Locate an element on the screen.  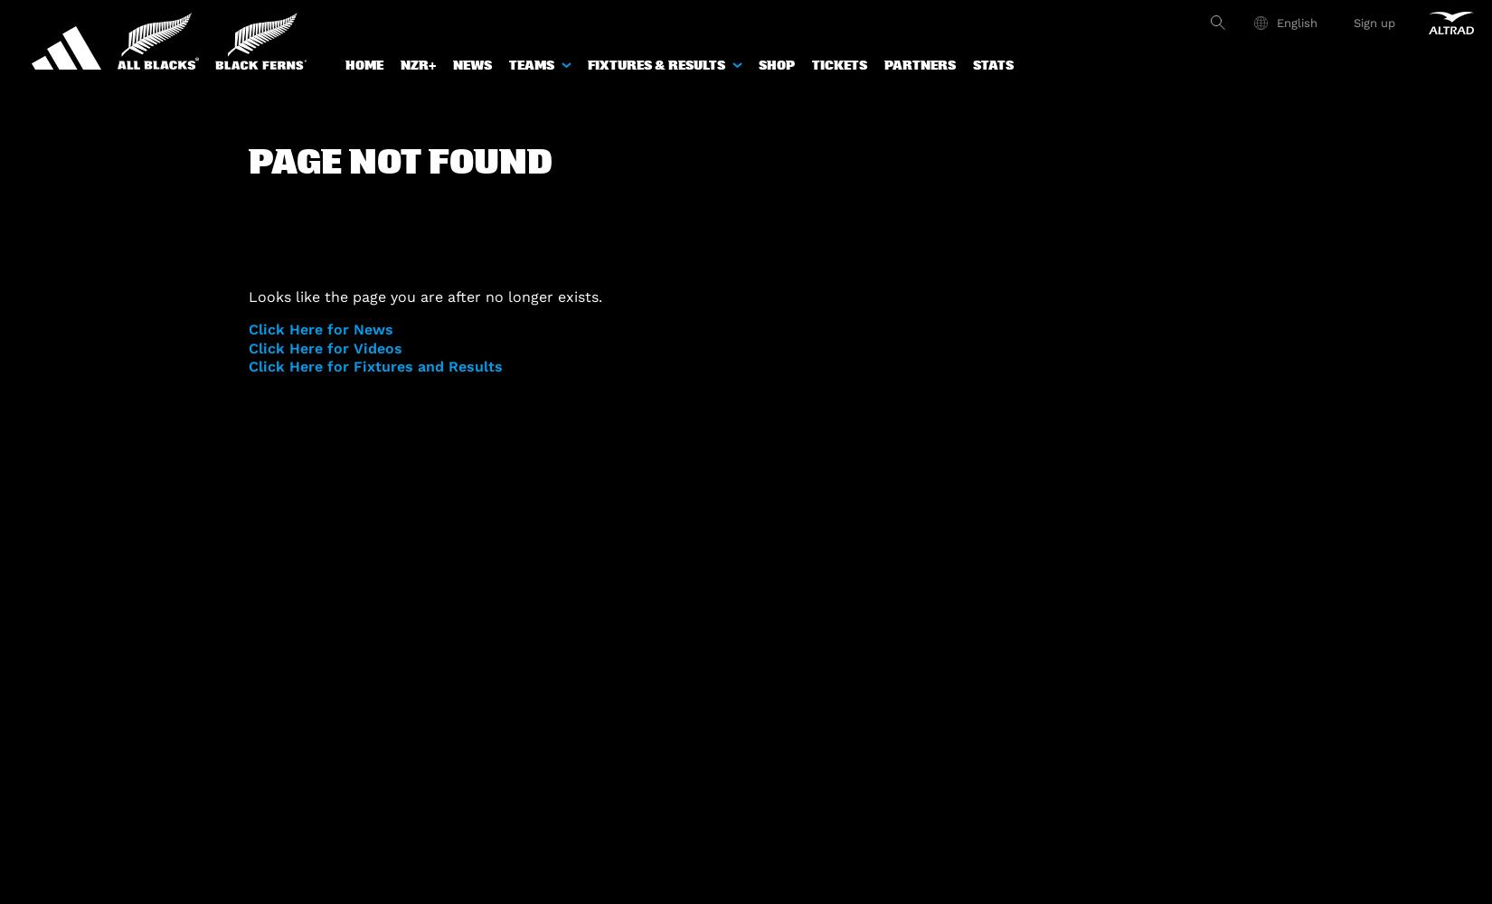
'NZR+' is located at coordinates (417, 64).